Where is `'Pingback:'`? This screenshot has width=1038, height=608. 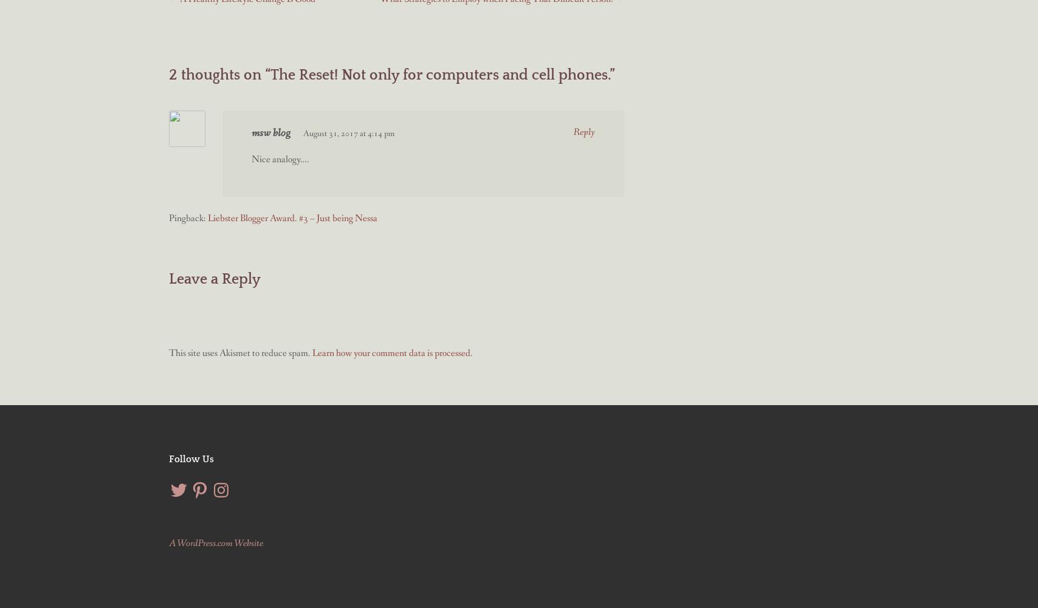 'Pingback:' is located at coordinates (169, 217).